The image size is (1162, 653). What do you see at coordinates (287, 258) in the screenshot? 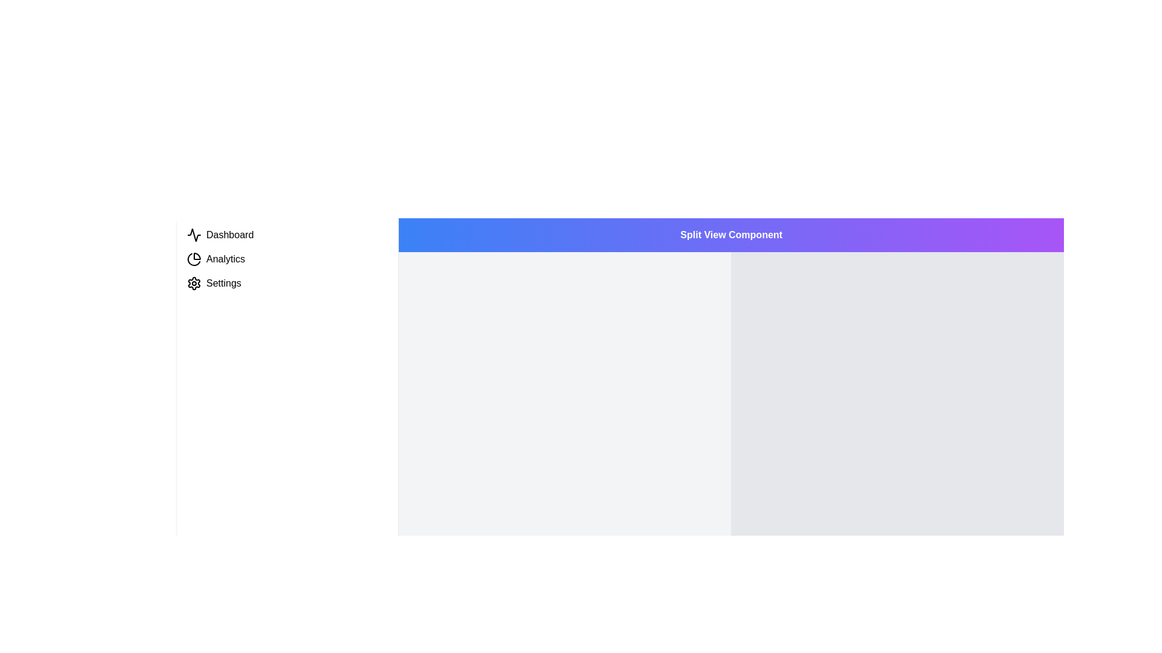
I see `the 'Analytics' option in the Navigation Menu located in the left sidebar` at bounding box center [287, 258].